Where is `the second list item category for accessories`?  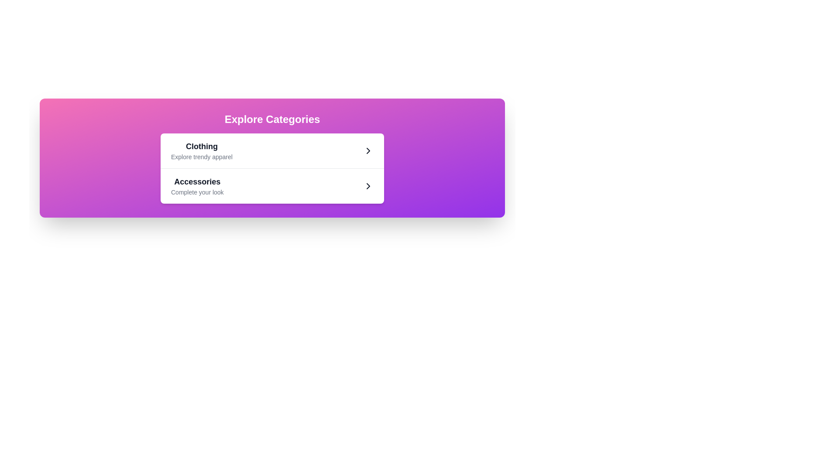
the second list item category for accessories is located at coordinates (272, 186).